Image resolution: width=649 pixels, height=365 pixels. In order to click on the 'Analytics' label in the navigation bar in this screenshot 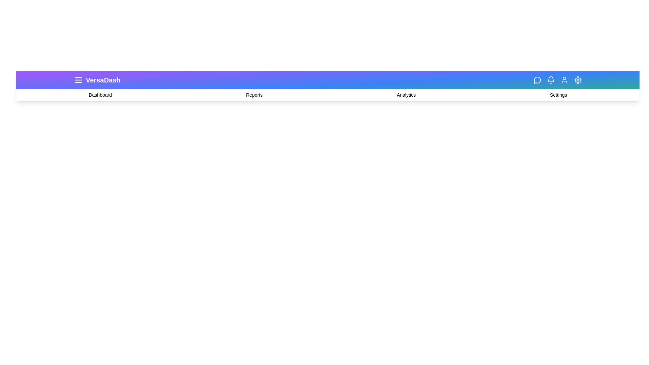, I will do `click(406, 95)`.